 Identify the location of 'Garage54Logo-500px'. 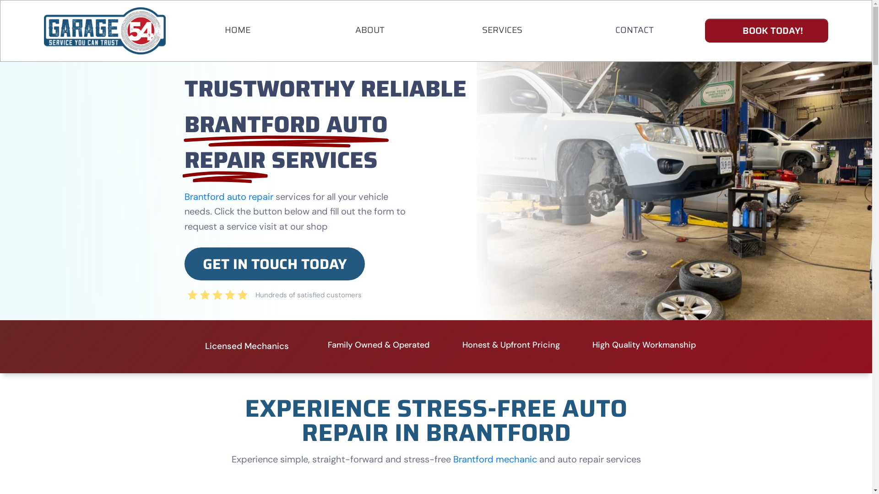
(43, 30).